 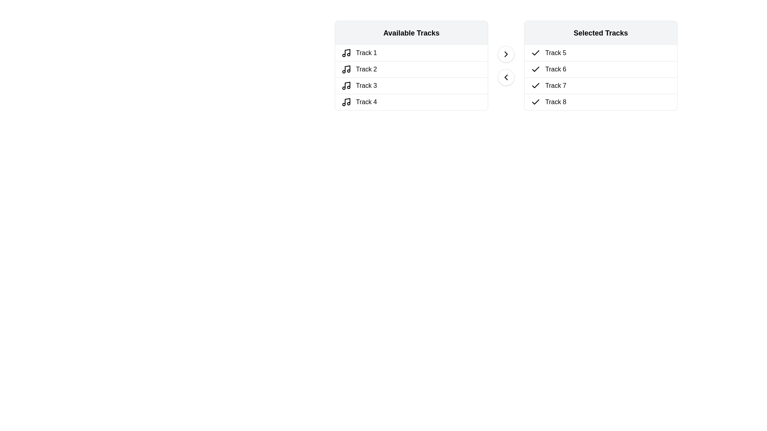 I want to click on the musical note icon located at the beginning of the 'Track 3' row in the 'Available Tracks' list, so click(x=346, y=86).